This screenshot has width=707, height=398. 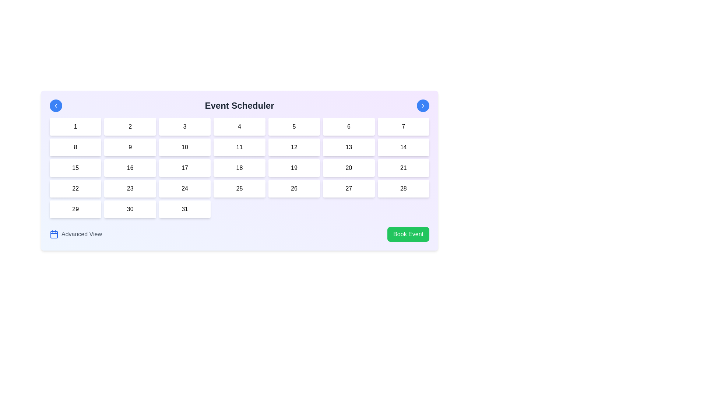 I want to click on the blue calendar icon located to the left of the 'Advanced View' text label, so click(x=54, y=234).